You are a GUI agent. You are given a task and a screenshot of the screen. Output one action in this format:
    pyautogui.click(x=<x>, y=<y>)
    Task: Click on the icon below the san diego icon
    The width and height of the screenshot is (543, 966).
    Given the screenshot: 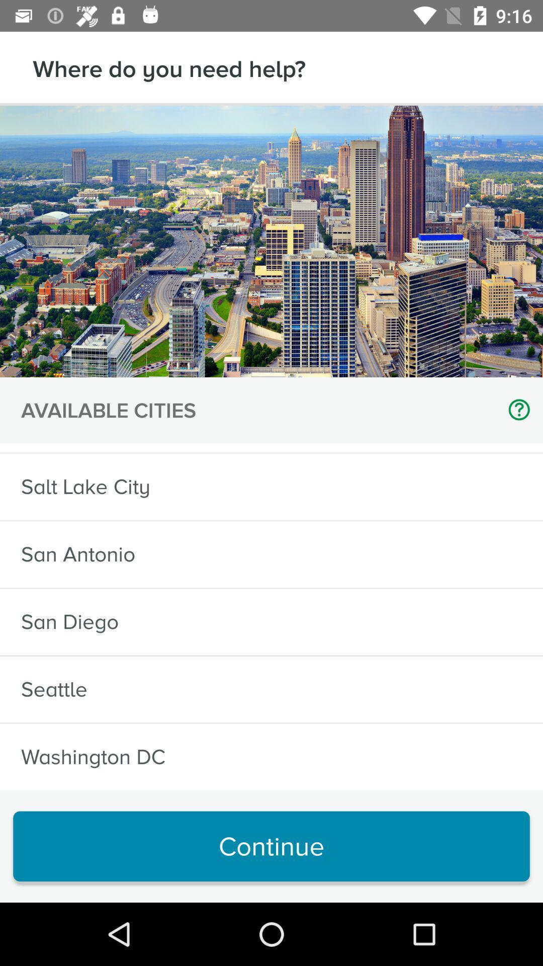 What is the action you would take?
    pyautogui.click(x=54, y=689)
    